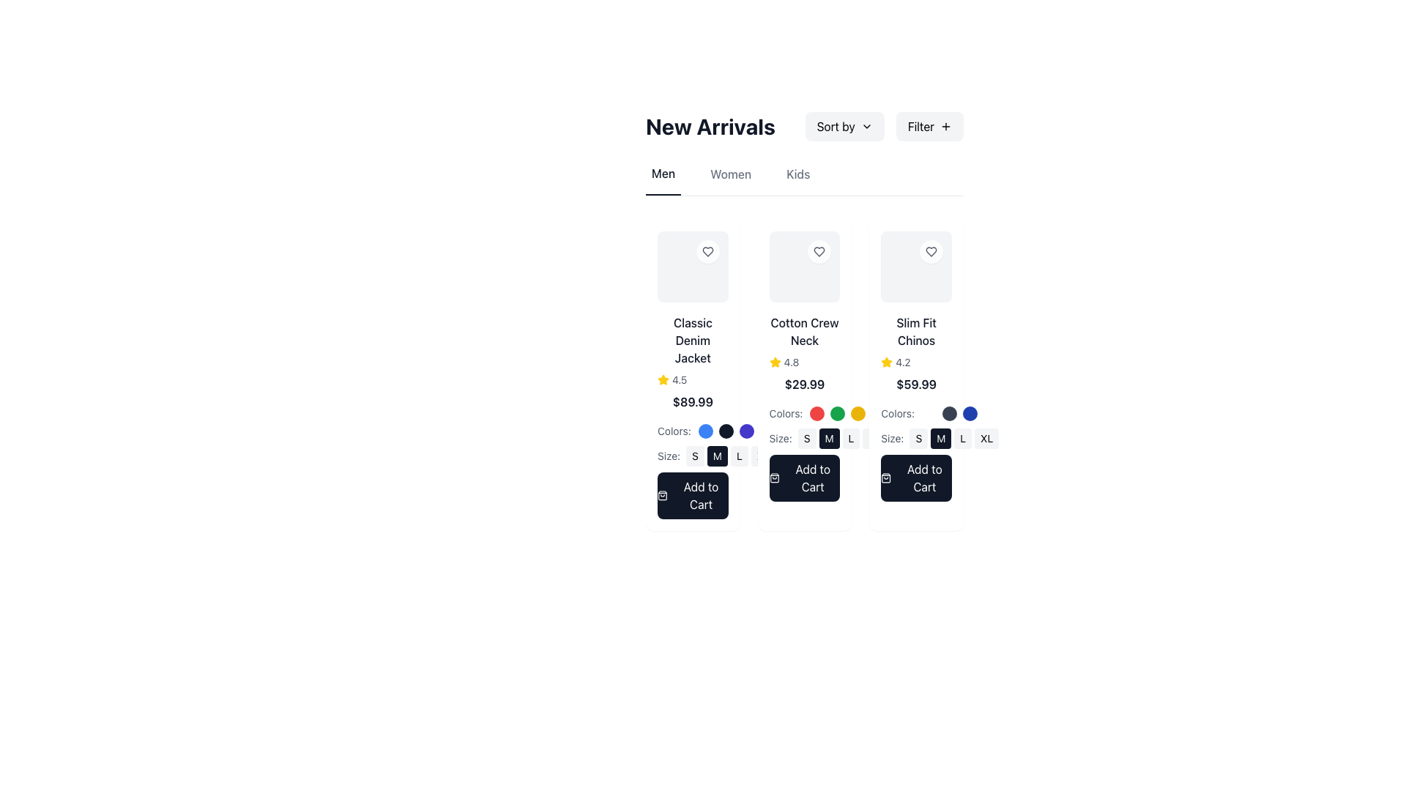 The height and width of the screenshot is (791, 1406). I want to click on the static text label indicating the price of the product 'Slim Fit Chinos' in the third product card from the left in the 'New Arrivals' section under the 'Men' tab, so click(915, 383).